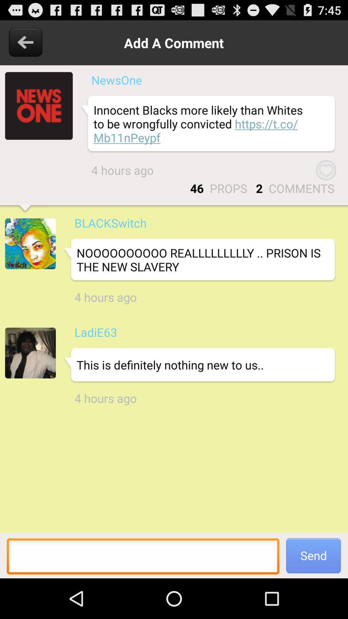  I want to click on noooooooooo reallllllllly prison icon, so click(199, 260).